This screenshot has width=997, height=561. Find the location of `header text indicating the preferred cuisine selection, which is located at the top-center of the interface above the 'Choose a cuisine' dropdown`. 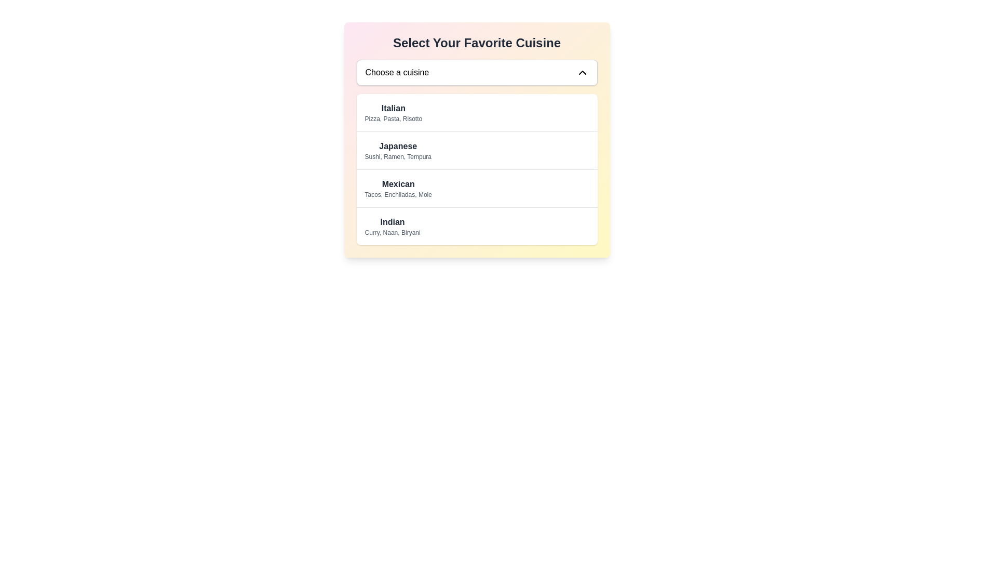

header text indicating the preferred cuisine selection, which is located at the top-center of the interface above the 'Choose a cuisine' dropdown is located at coordinates (476, 43).